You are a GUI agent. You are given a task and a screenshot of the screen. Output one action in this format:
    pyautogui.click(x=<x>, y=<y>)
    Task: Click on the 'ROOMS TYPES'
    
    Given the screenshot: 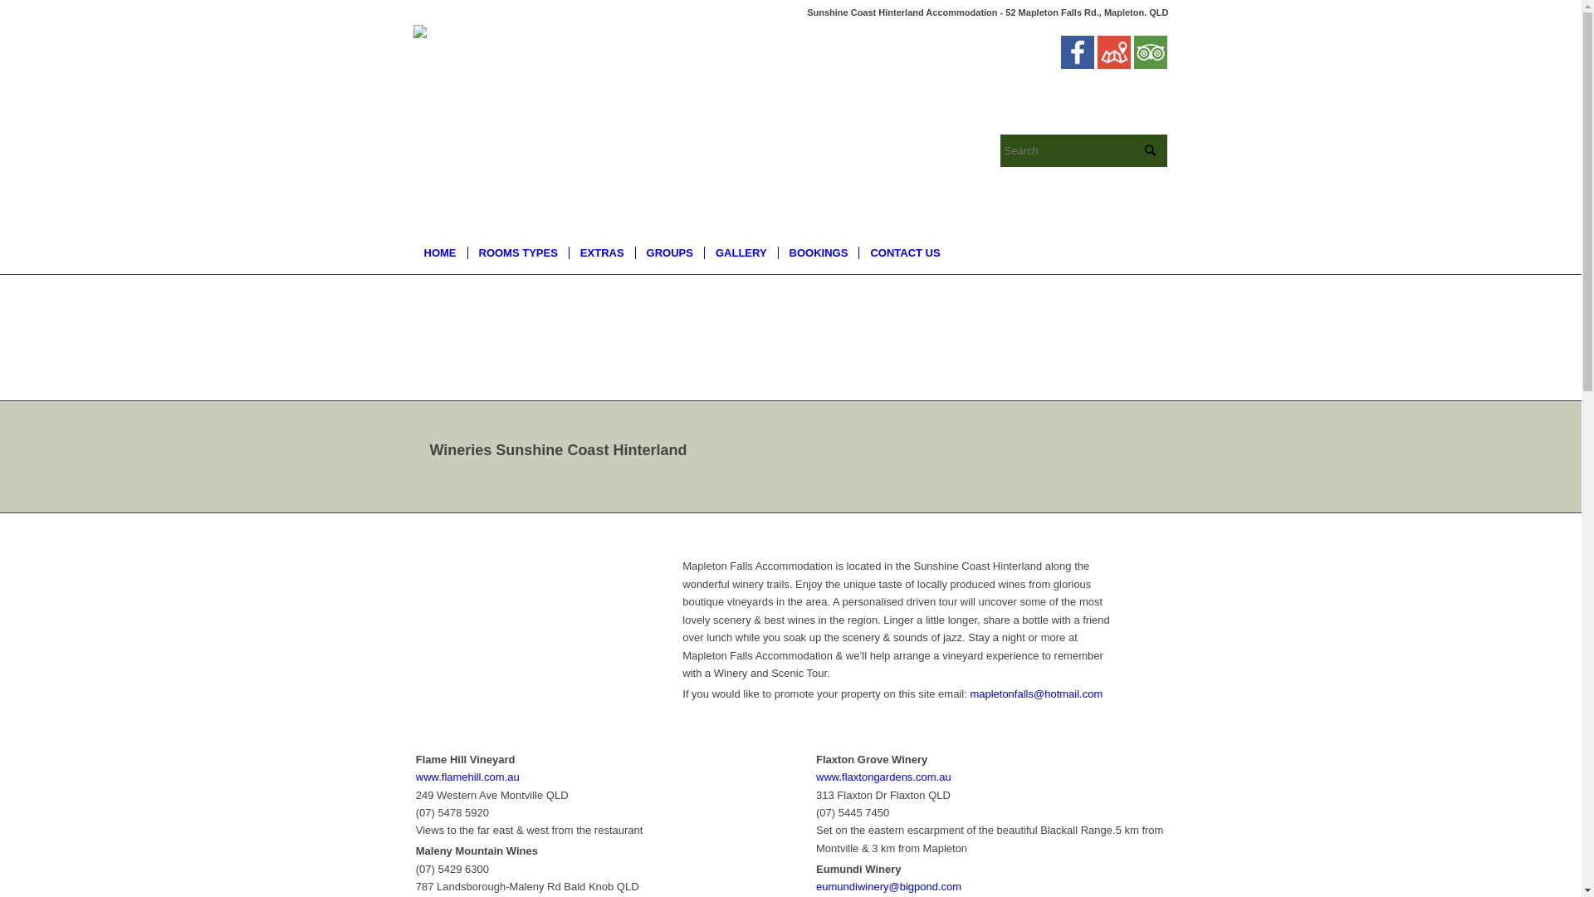 What is the action you would take?
    pyautogui.click(x=516, y=252)
    